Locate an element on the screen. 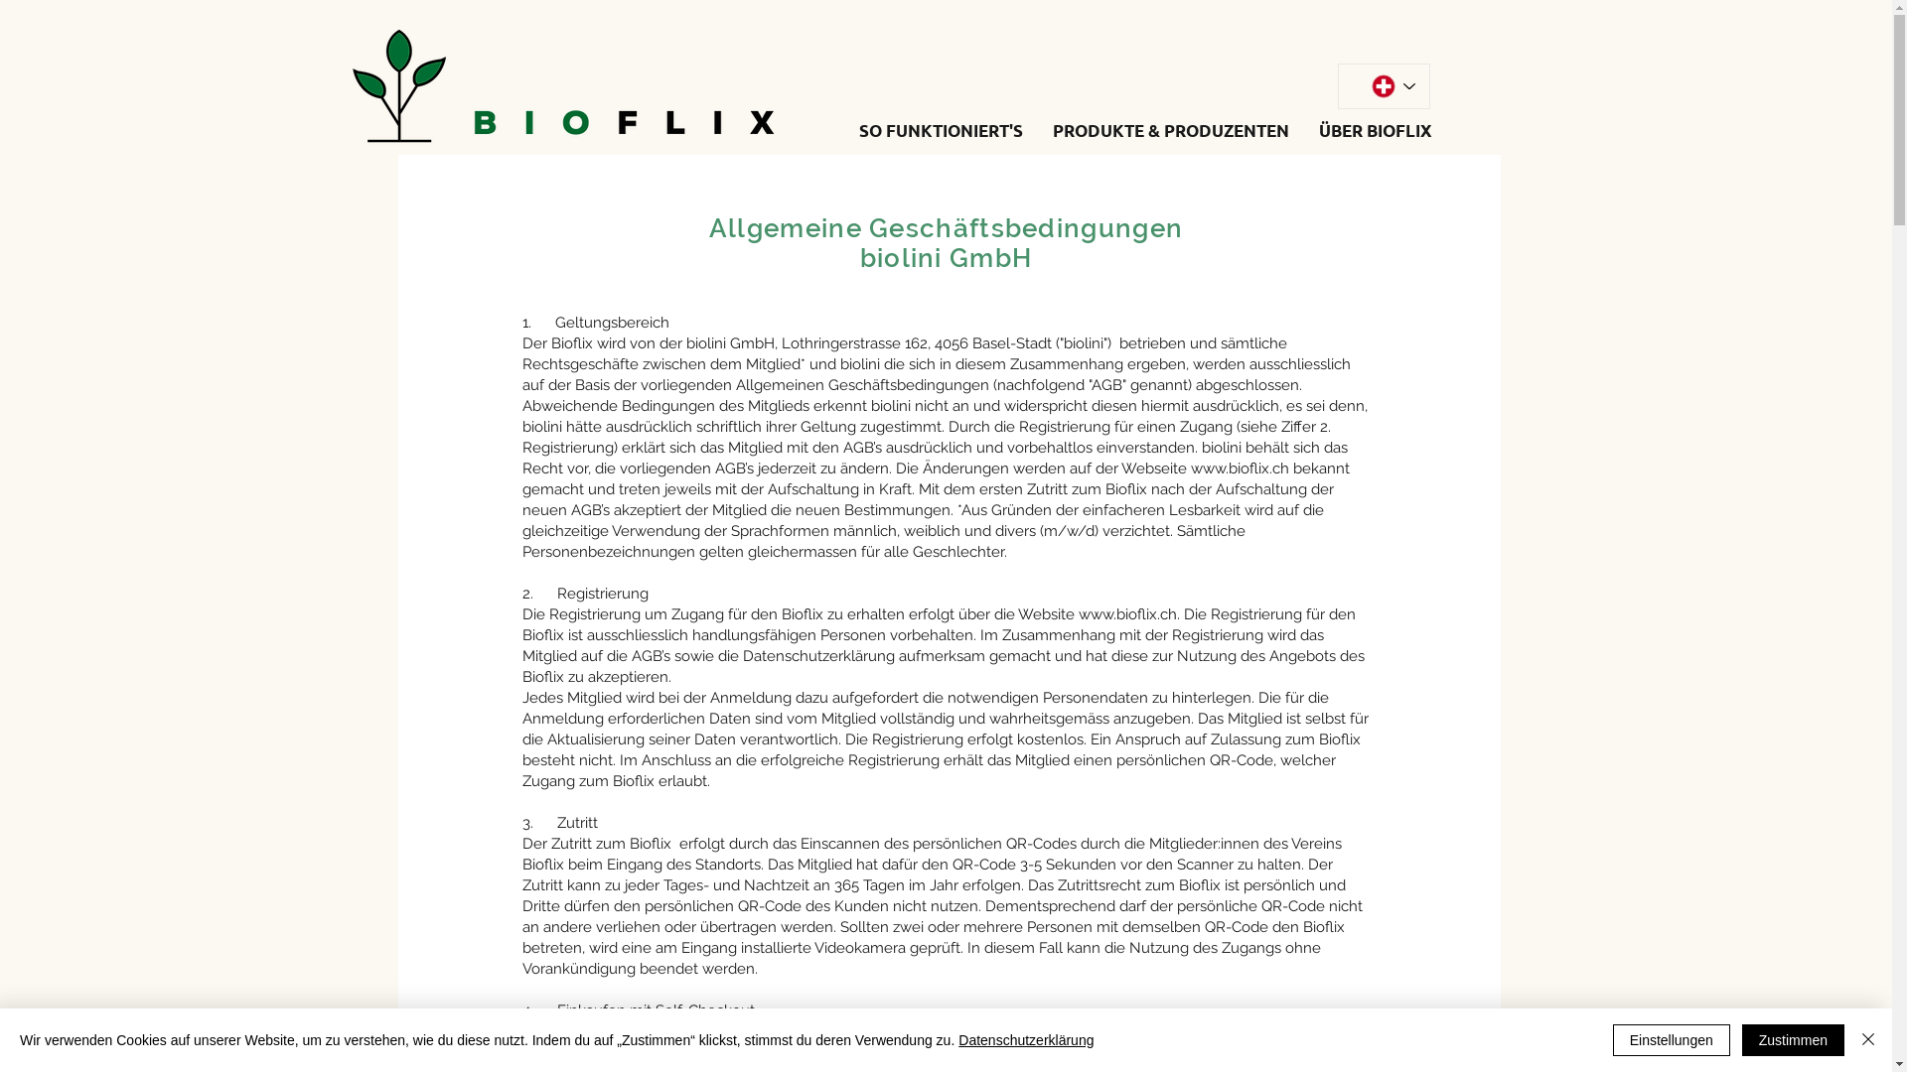 The image size is (1907, 1072). 'www.bioflix.ch' is located at coordinates (1127, 612).